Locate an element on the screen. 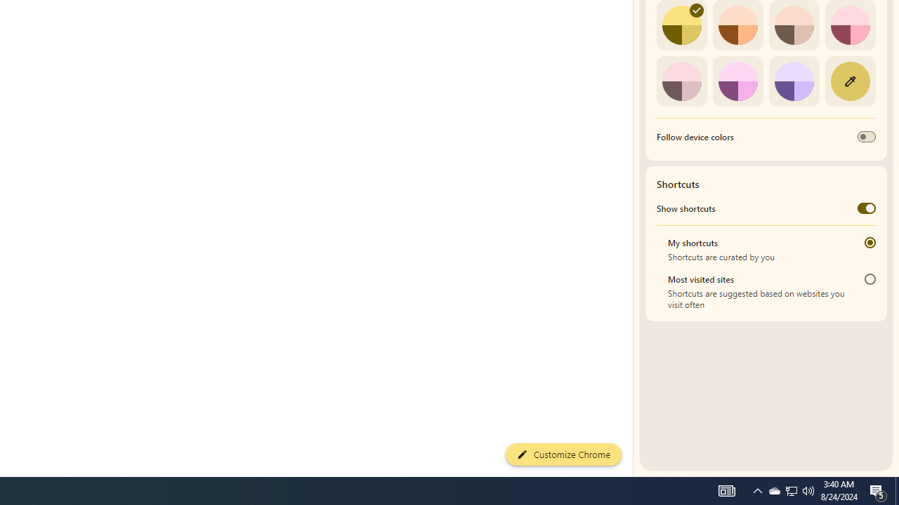  'Orange' is located at coordinates (737, 25).